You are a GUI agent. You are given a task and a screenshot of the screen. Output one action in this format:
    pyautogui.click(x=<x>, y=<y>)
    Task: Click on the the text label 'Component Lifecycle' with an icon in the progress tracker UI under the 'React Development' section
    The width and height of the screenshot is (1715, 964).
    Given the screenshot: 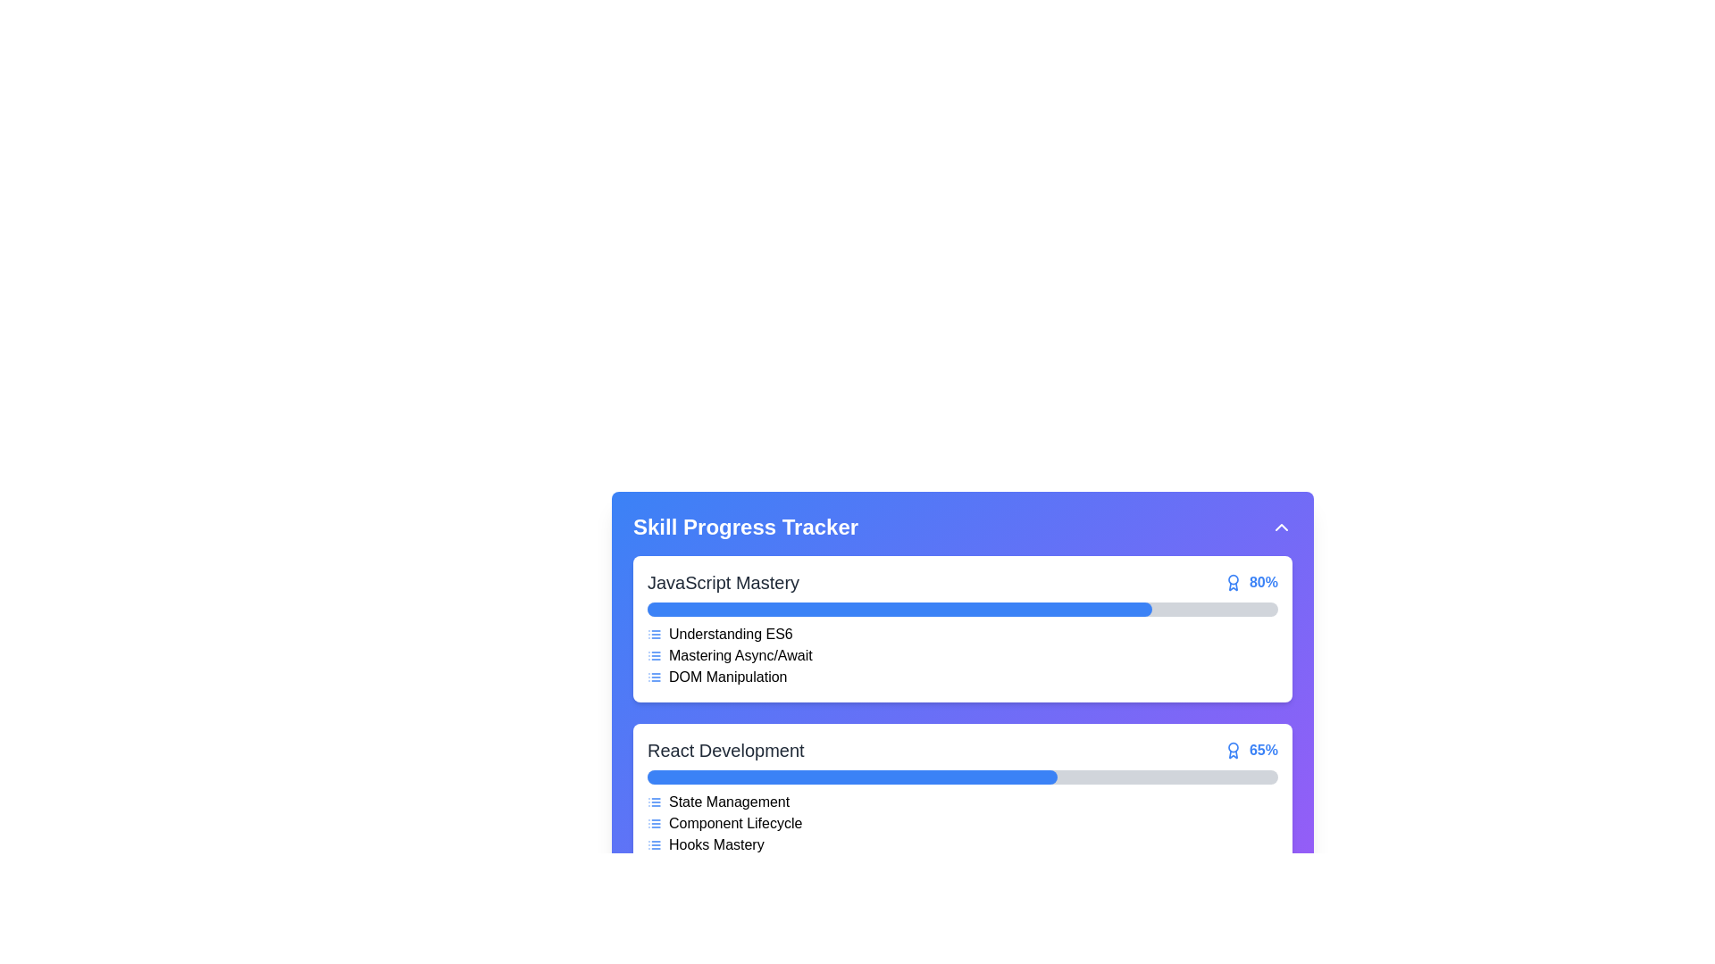 What is the action you would take?
    pyautogui.click(x=962, y=823)
    